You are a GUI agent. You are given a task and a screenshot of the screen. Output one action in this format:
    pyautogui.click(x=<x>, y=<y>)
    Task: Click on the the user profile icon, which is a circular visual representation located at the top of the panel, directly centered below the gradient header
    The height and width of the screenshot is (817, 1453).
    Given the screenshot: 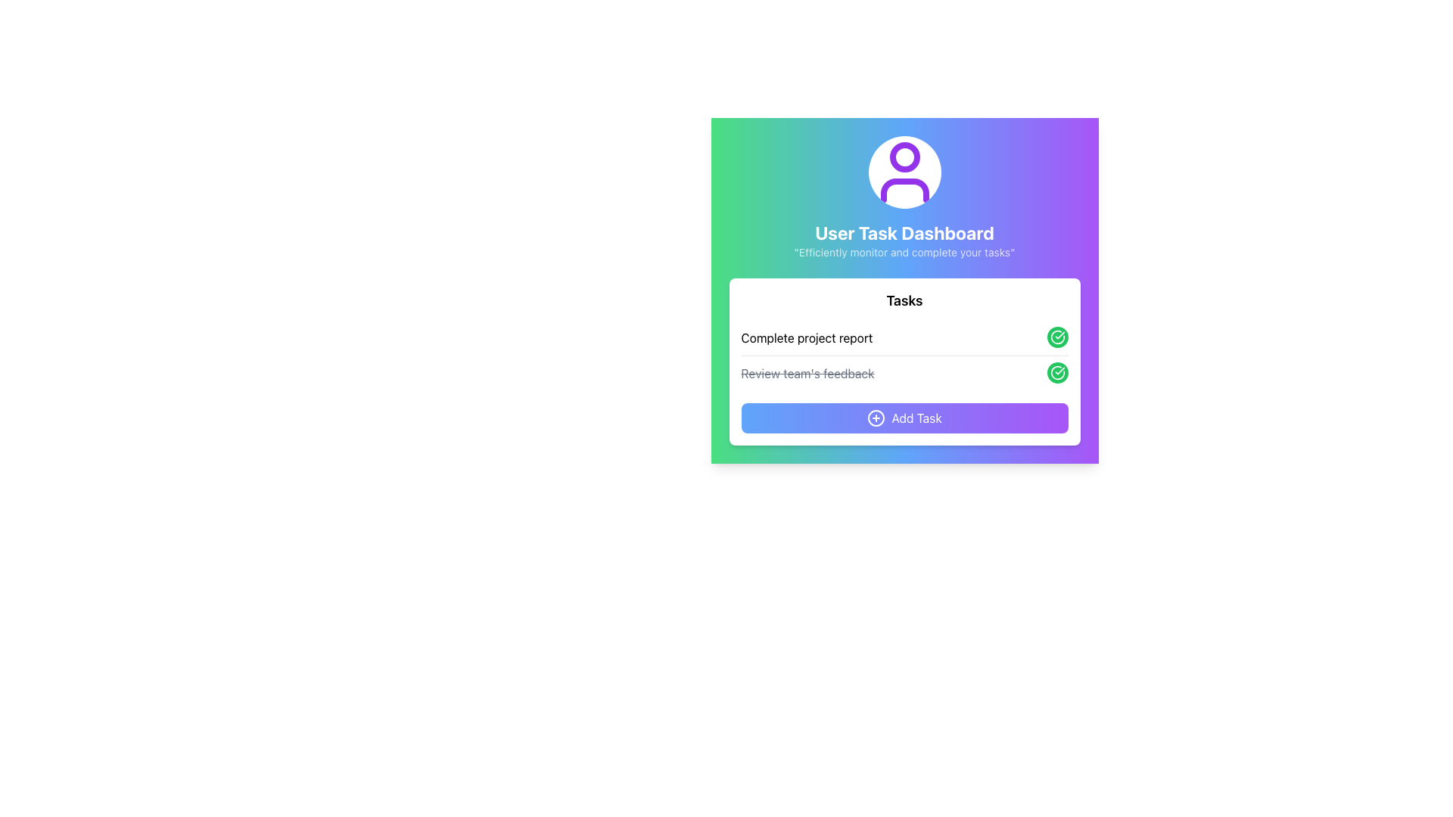 What is the action you would take?
    pyautogui.click(x=904, y=171)
    